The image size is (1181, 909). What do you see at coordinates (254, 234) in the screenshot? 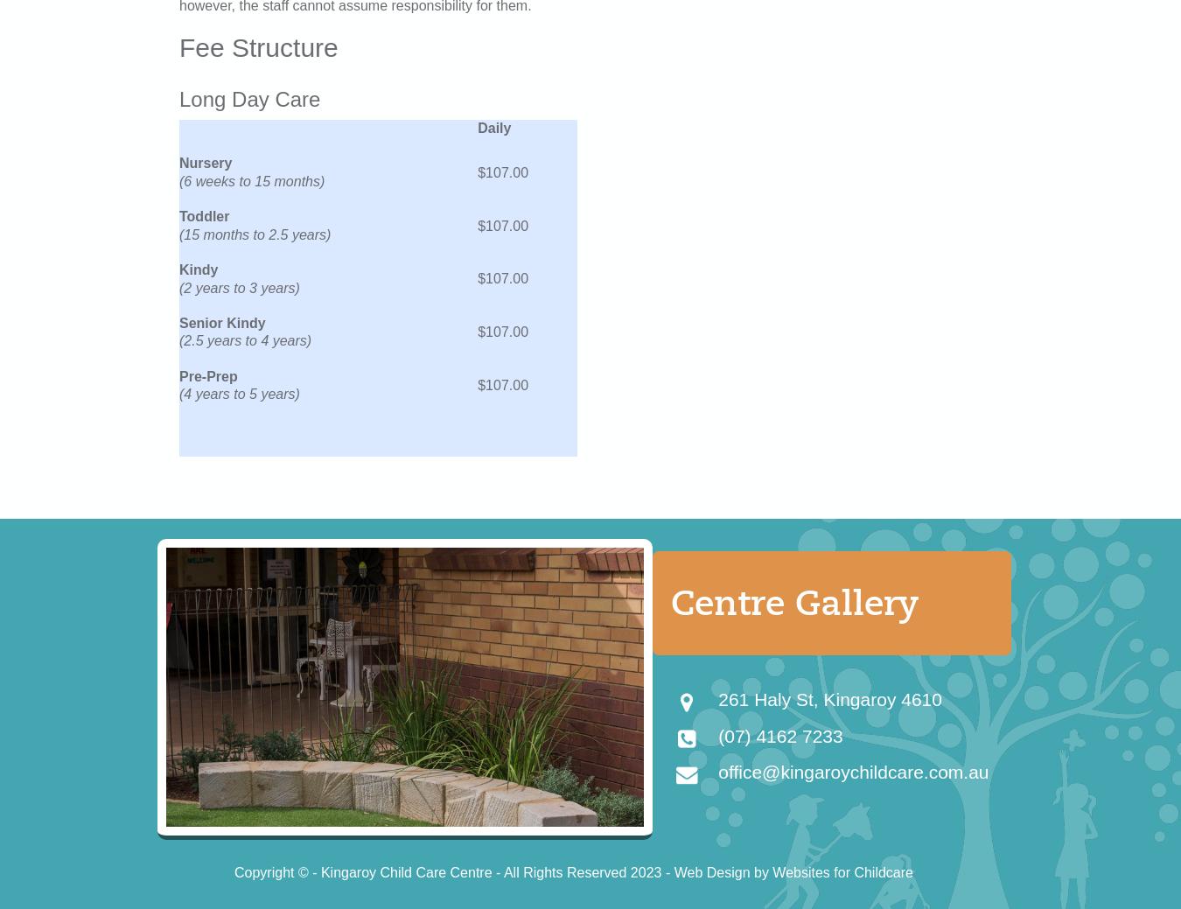
I see `'(15 months to 2.5 years)'` at bounding box center [254, 234].